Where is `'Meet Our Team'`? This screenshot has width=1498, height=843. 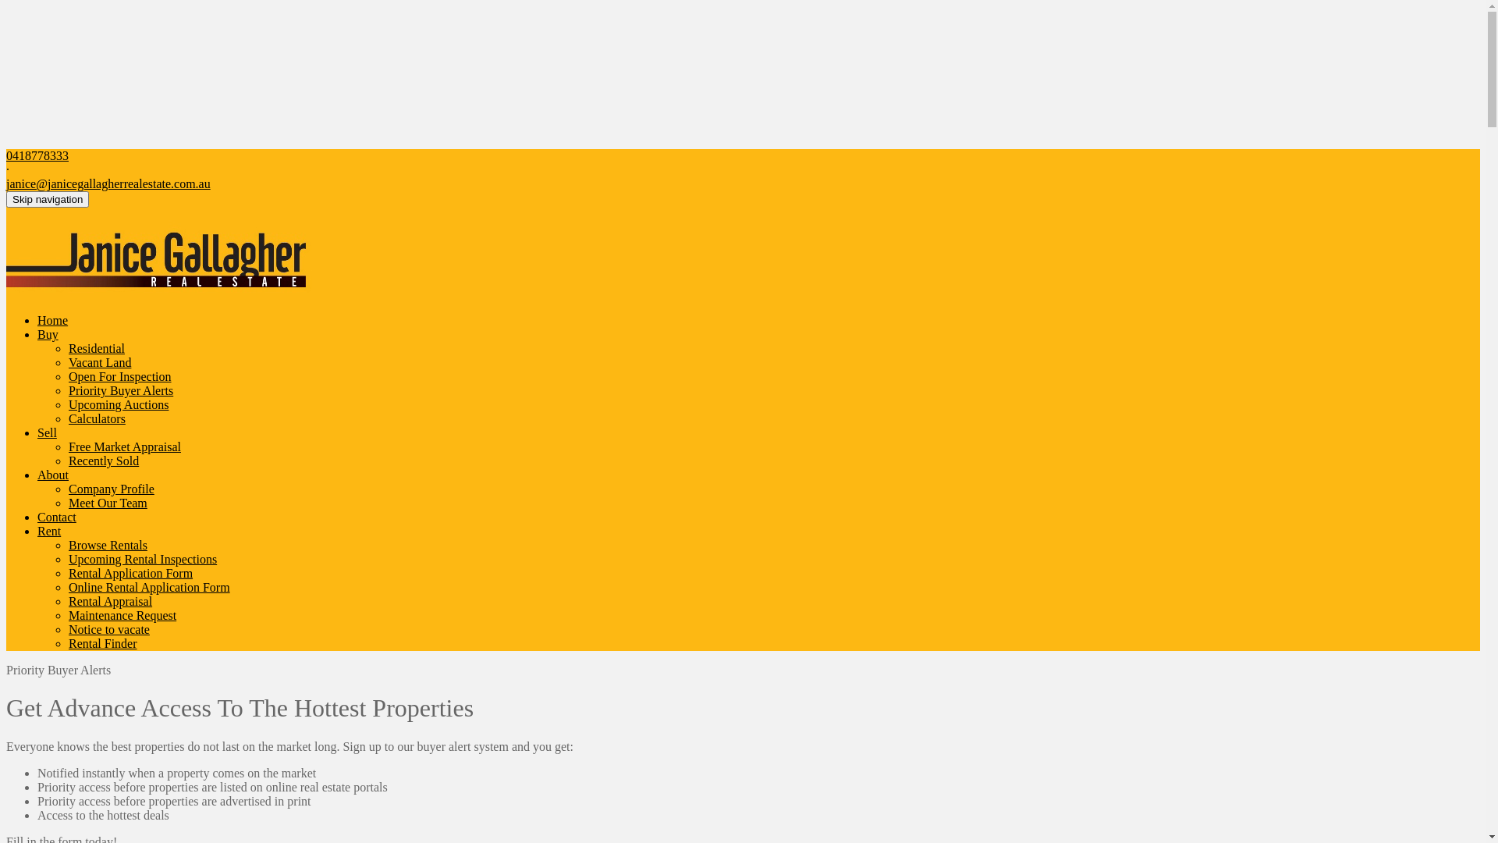 'Meet Our Team' is located at coordinates (107, 503).